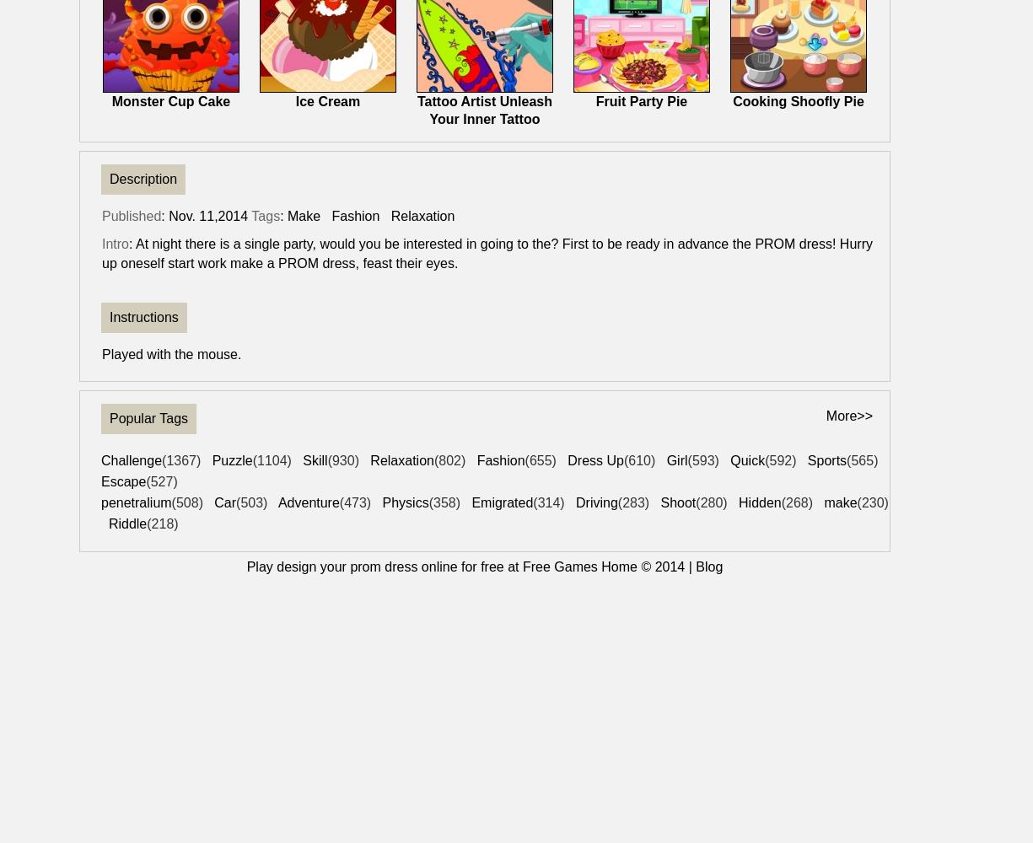 The height and width of the screenshot is (843, 1033). I want to click on 'Adventure', so click(308, 502).